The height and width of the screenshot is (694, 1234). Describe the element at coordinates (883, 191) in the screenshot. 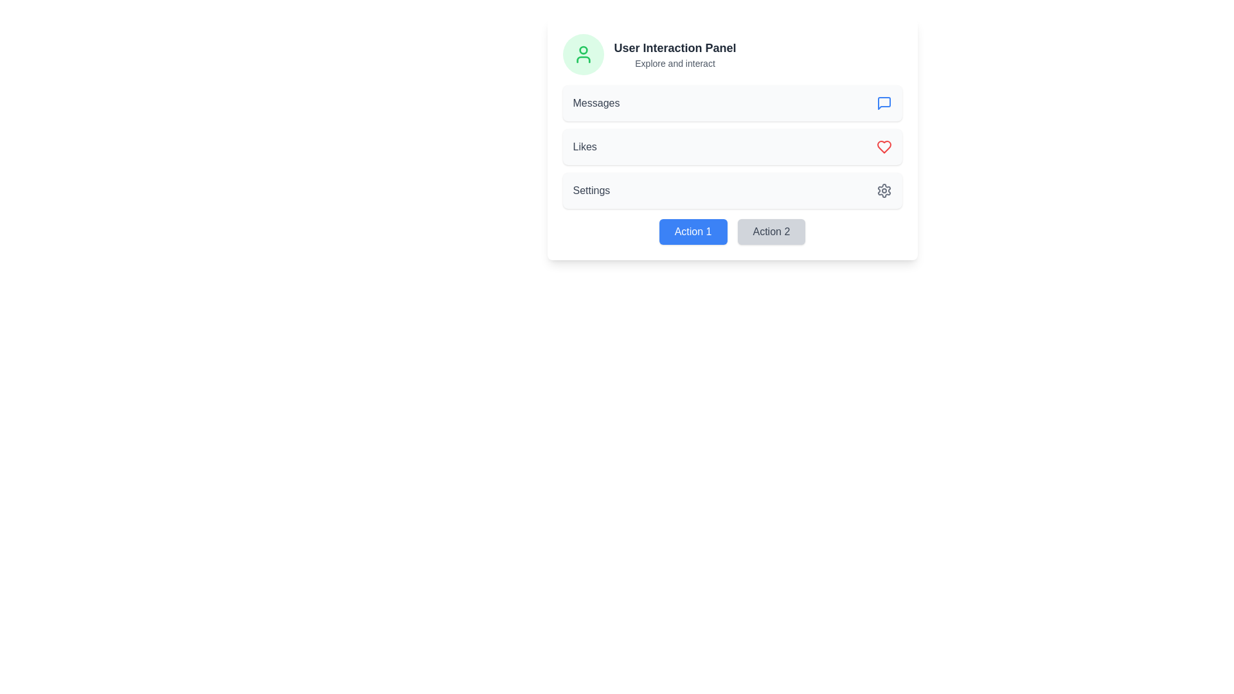

I see `the icon button located at the far right of the 'Settings' row` at that location.